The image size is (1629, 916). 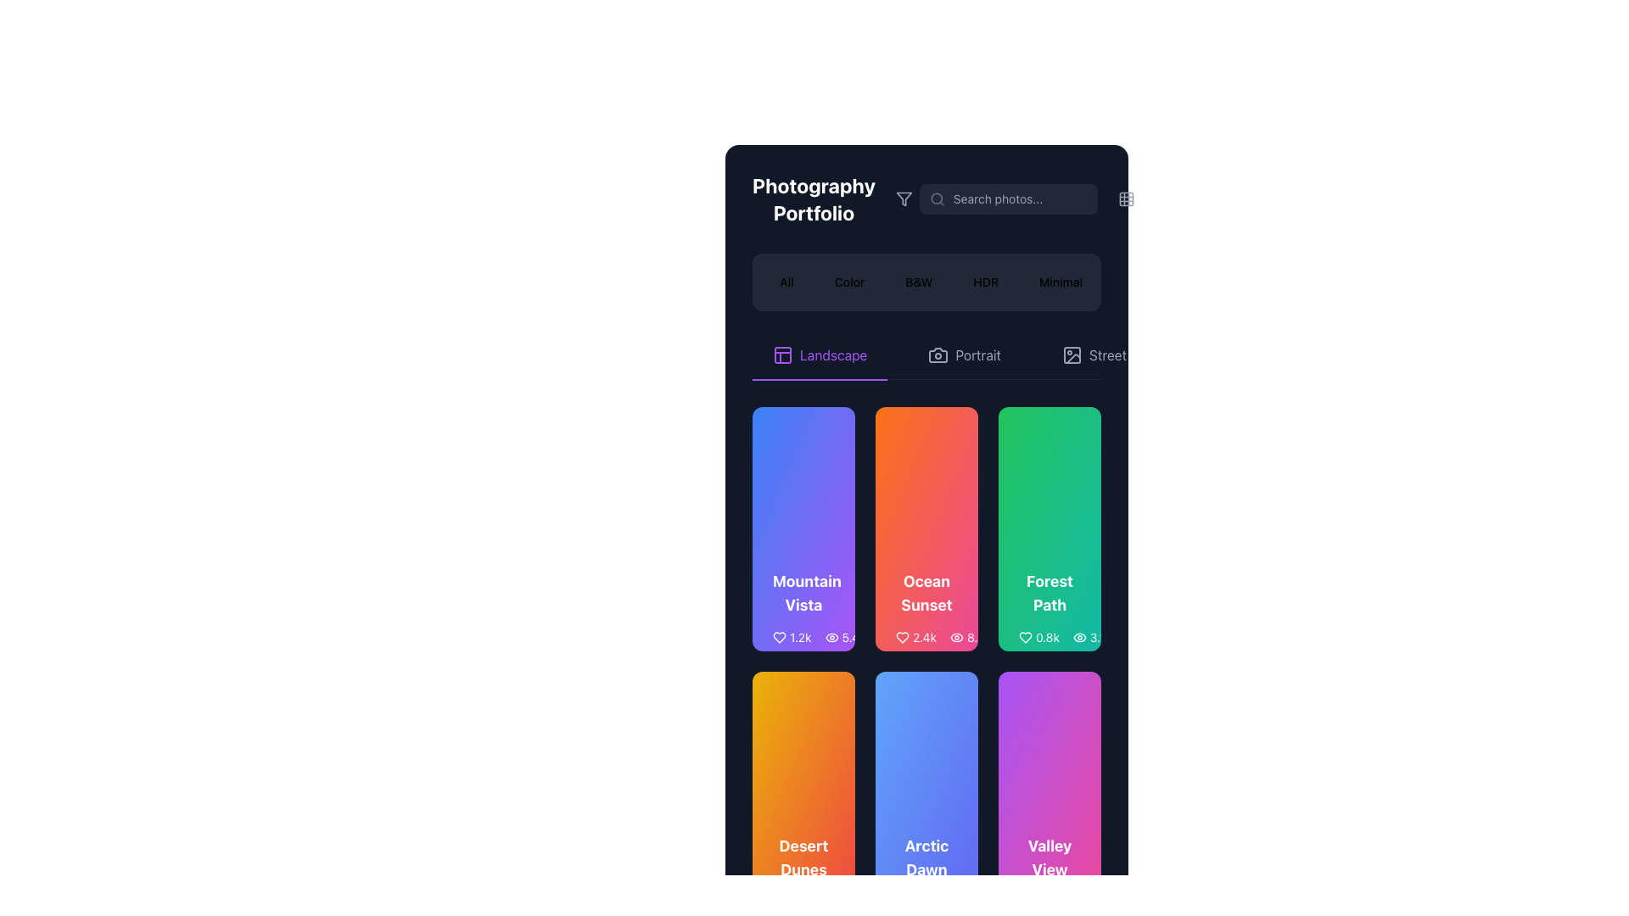 What do you see at coordinates (803, 611) in the screenshot?
I see `the icons or links within the 'Mountain Vista' Preview card, which displays likes and views in a bold white font against a gradient background` at bounding box center [803, 611].